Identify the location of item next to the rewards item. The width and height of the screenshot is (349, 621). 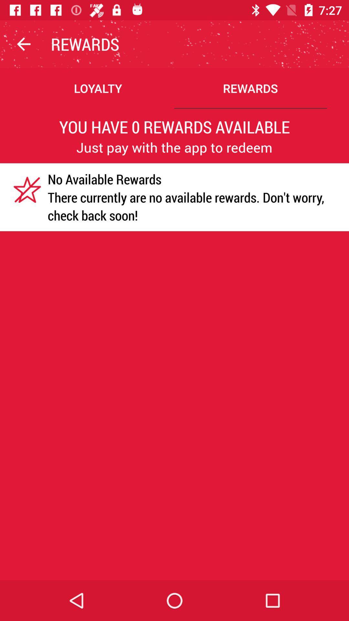
(23, 44).